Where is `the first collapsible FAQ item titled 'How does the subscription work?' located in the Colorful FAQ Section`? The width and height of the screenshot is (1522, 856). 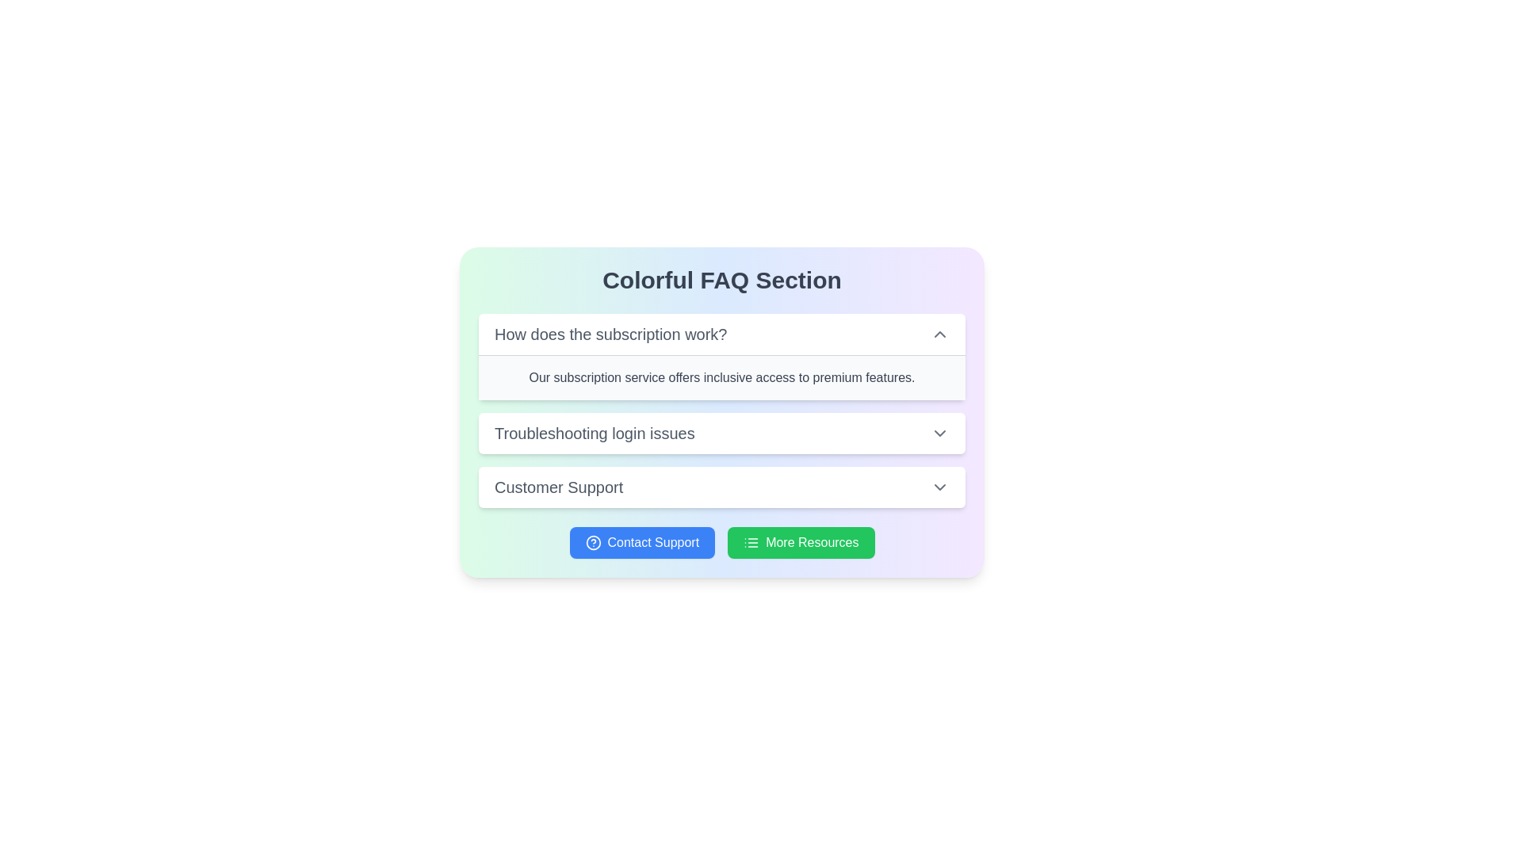 the first collapsible FAQ item titled 'How does the subscription work?' located in the Colorful FAQ Section is located at coordinates (721, 357).